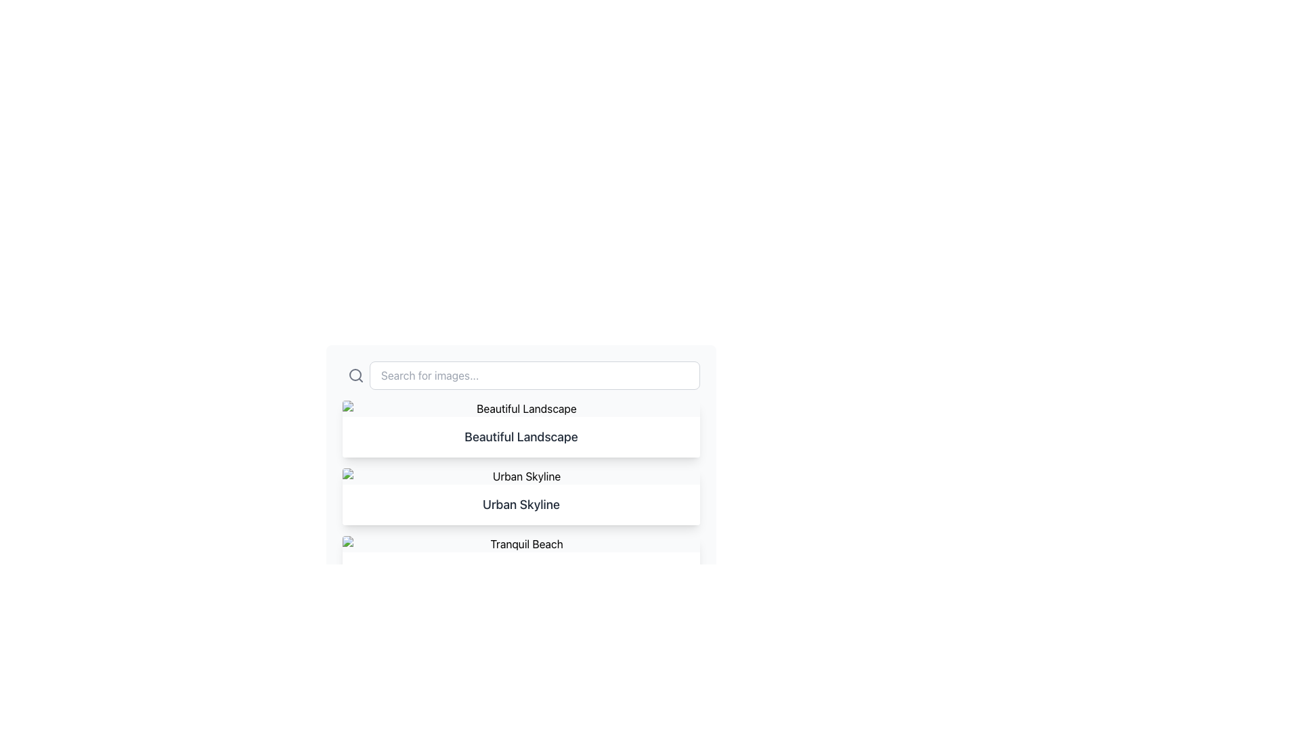  What do you see at coordinates (520, 543) in the screenshot?
I see `the 'Tranquil Beach' image representation` at bounding box center [520, 543].